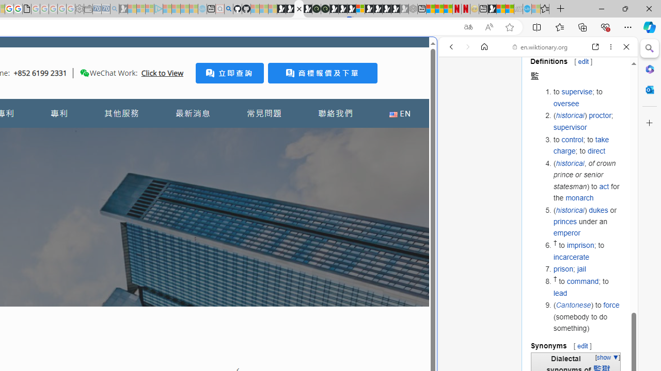 The width and height of the screenshot is (661, 371). Describe the element at coordinates (123, 9) in the screenshot. I see `'Microsoft Start Gaming - Sleeping'` at that location.